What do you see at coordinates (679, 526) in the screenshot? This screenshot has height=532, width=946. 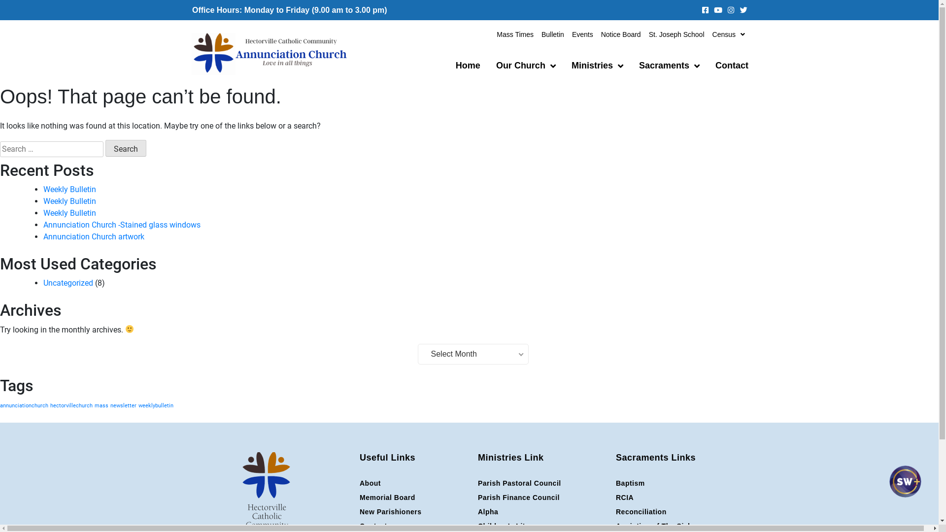 I see `'Anointing of The Sick'` at bounding box center [679, 526].